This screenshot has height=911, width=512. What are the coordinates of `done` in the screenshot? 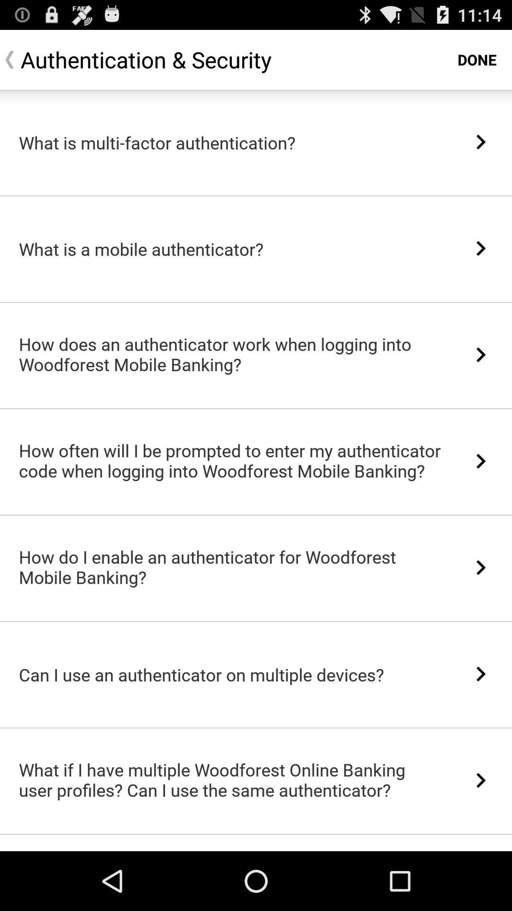 It's located at (477, 59).